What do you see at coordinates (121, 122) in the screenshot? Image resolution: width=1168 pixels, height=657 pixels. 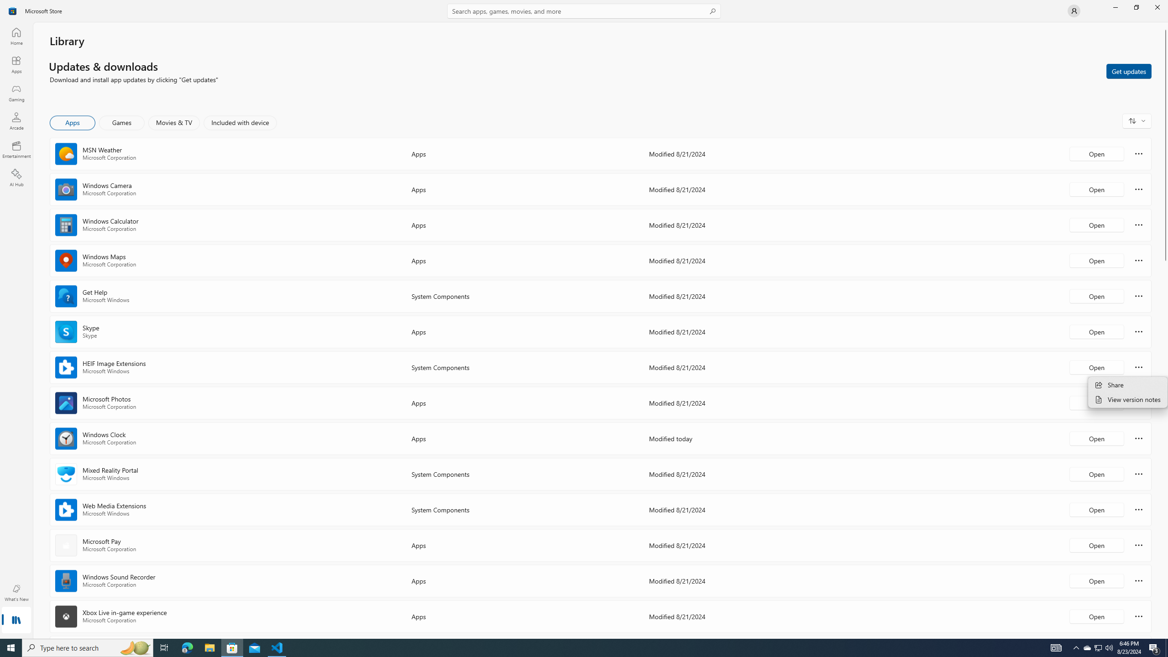 I see `'Games'` at bounding box center [121, 122].